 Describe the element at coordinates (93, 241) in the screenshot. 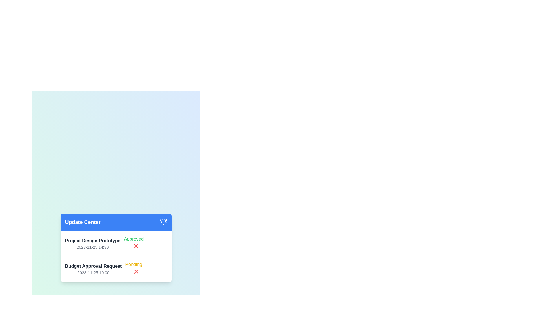

I see `the bold text label reading 'Project Design Prototype' located at the top section of the card under the 'Update Center' heading` at that location.